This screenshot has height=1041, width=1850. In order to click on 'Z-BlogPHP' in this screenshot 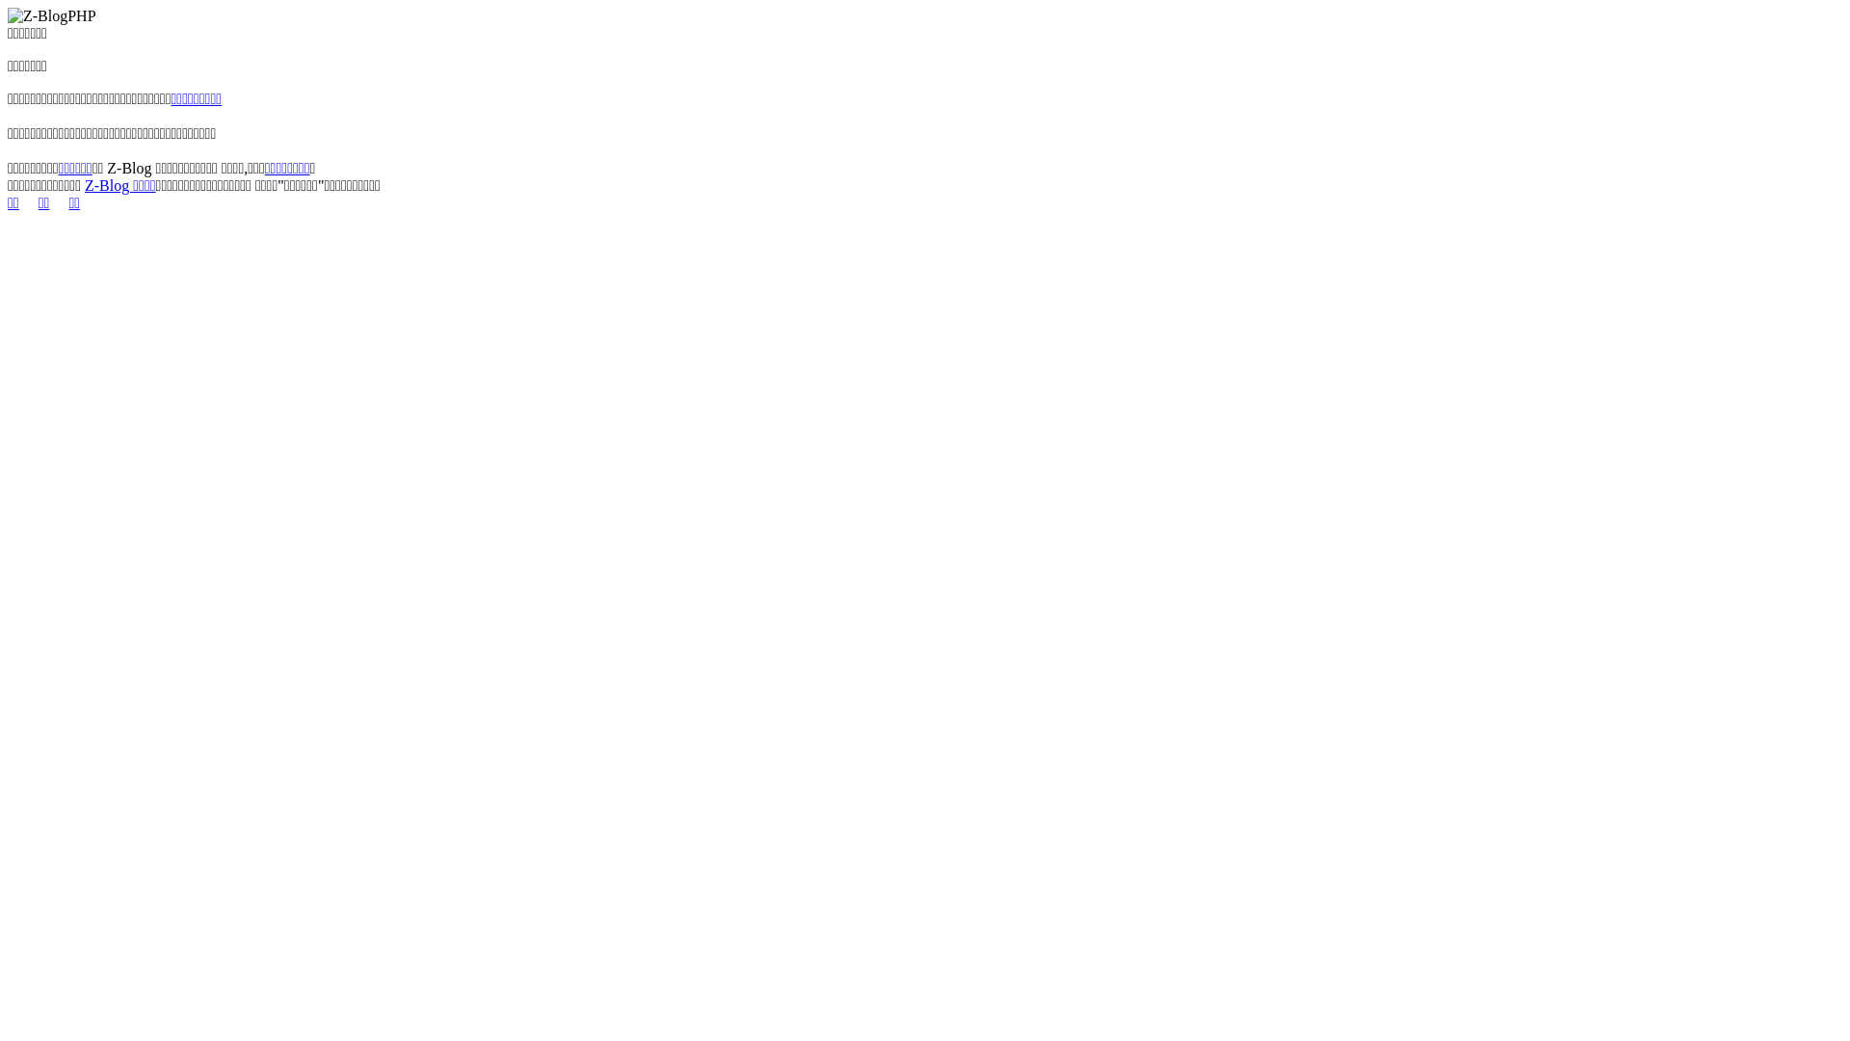, I will do `click(51, 15)`.